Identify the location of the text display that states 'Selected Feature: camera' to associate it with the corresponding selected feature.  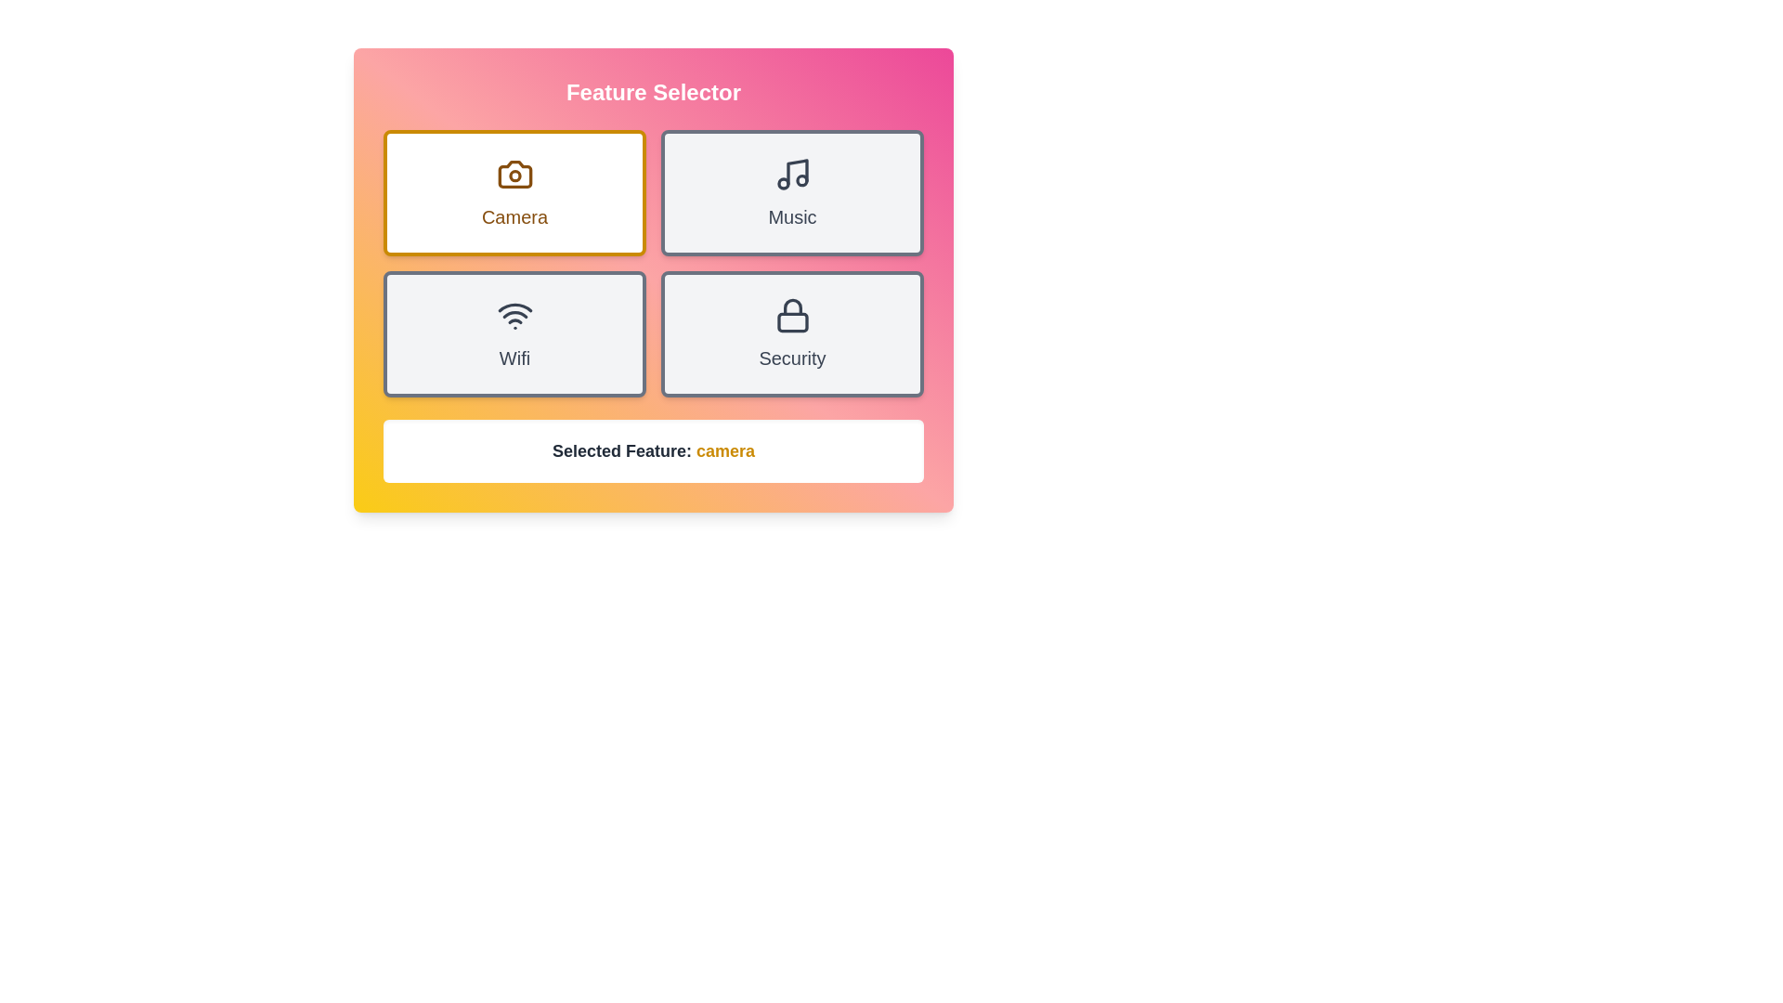
(654, 451).